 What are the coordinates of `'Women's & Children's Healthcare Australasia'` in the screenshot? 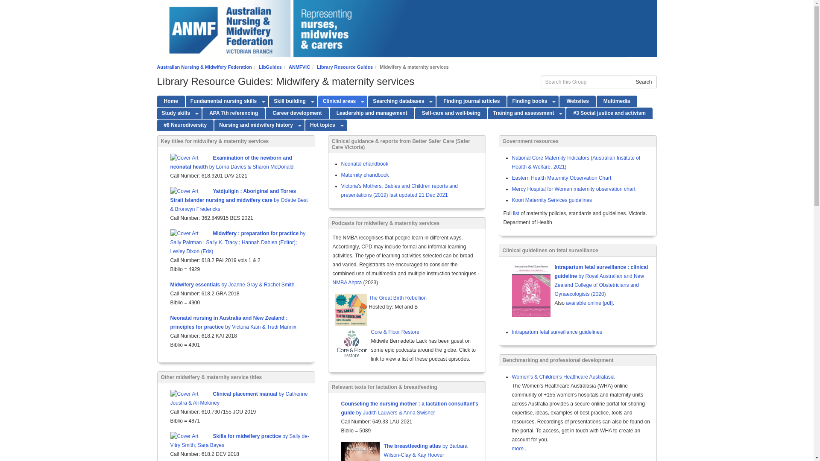 It's located at (563, 376).